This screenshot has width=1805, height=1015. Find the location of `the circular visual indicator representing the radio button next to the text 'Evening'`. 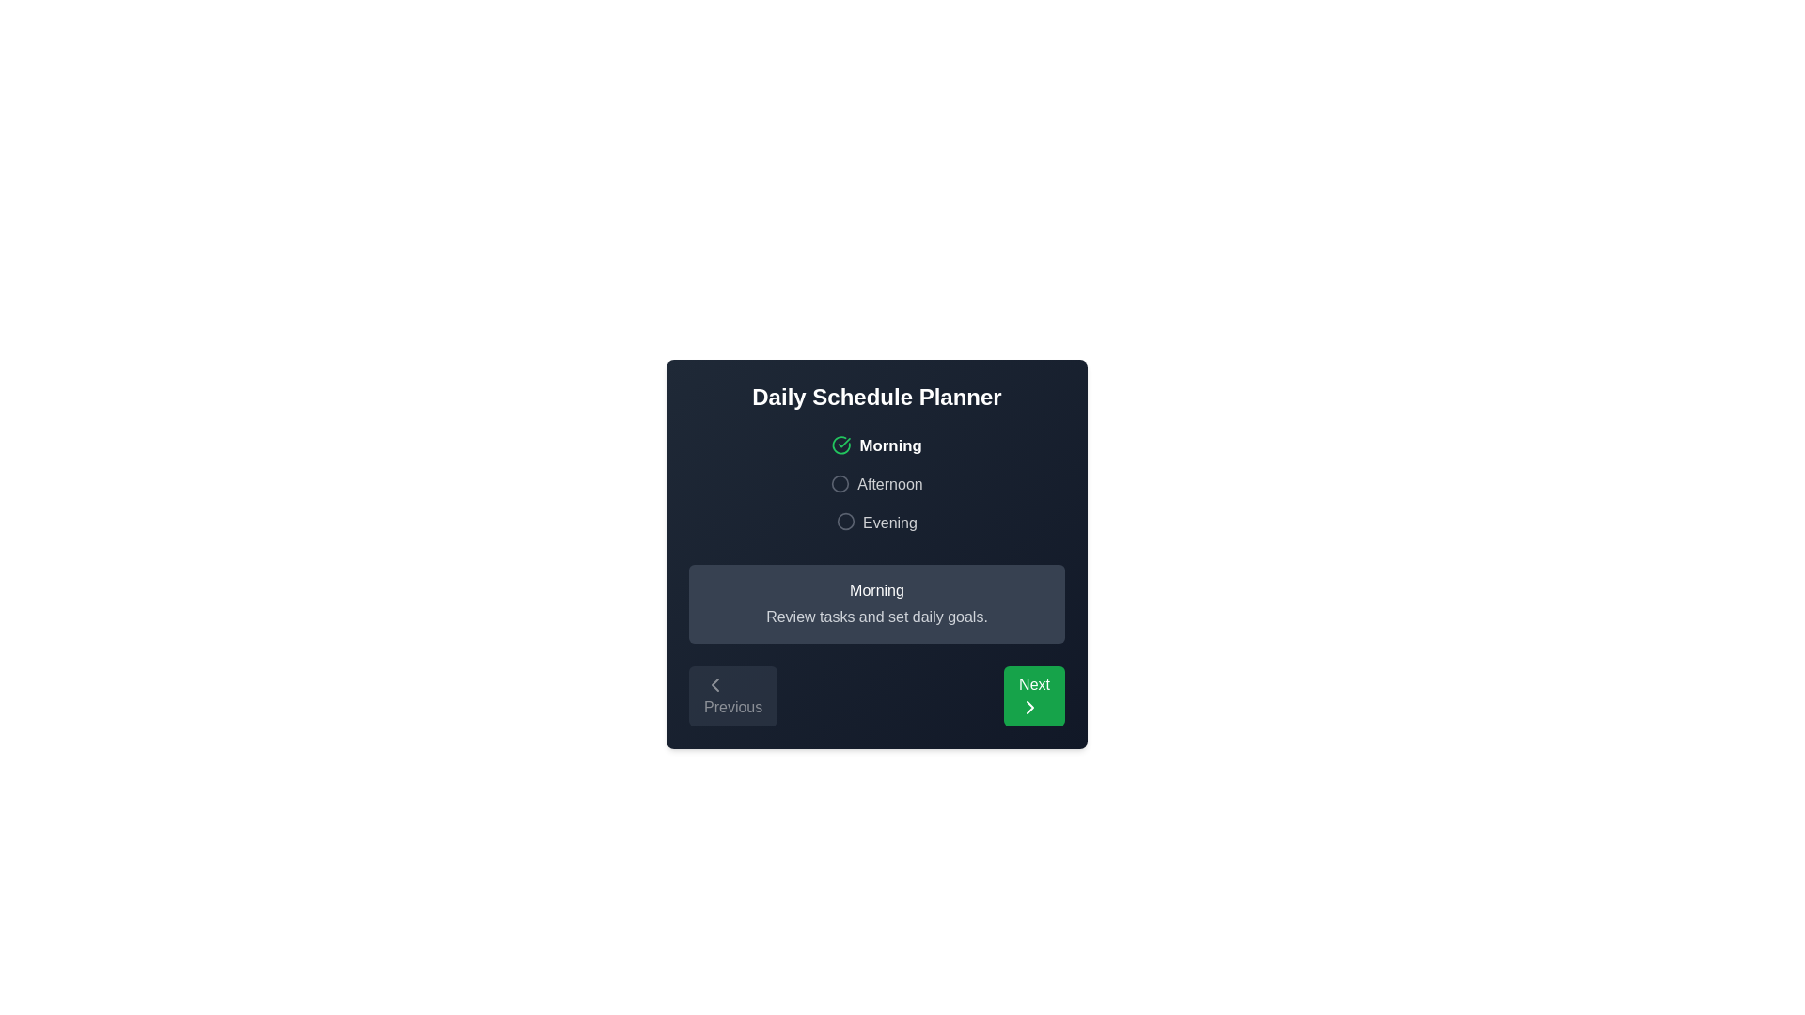

the circular visual indicator representing the radio button next to the text 'Evening' is located at coordinates (845, 522).